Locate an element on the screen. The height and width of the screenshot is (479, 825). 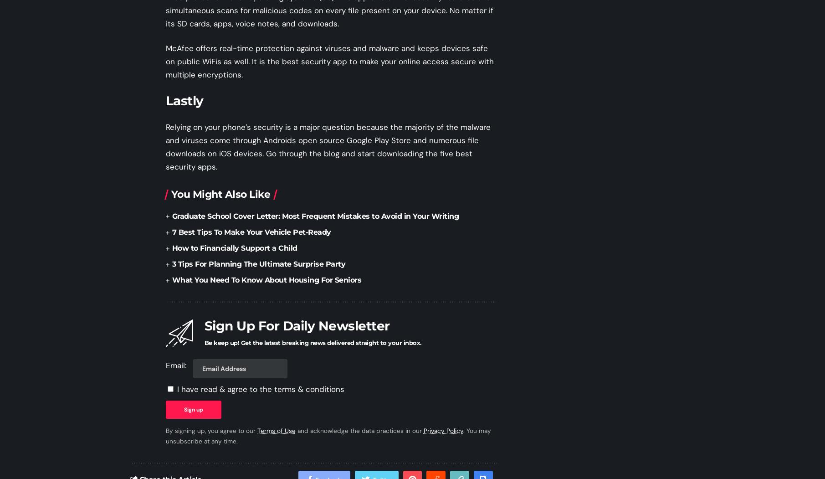
'3 Tips For Planning The Ultimate Surprise Party' is located at coordinates (258, 264).